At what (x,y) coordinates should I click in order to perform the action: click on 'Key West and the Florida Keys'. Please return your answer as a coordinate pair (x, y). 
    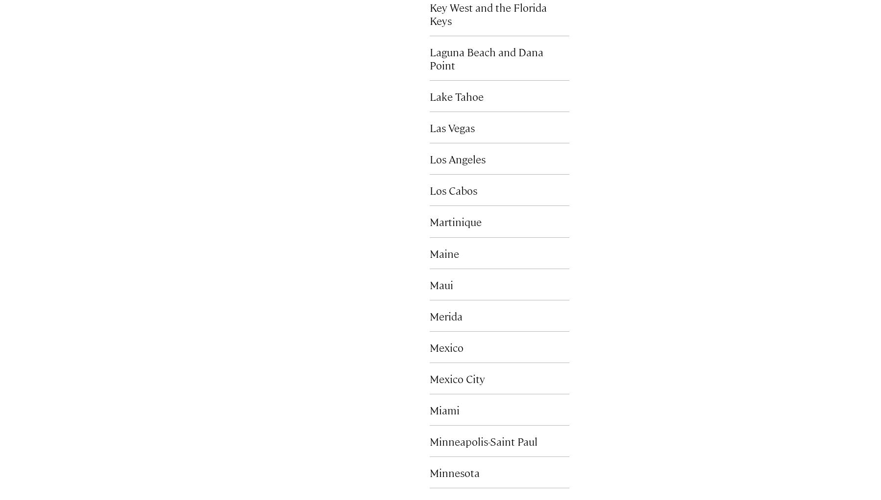
    Looking at the image, I should click on (488, 13).